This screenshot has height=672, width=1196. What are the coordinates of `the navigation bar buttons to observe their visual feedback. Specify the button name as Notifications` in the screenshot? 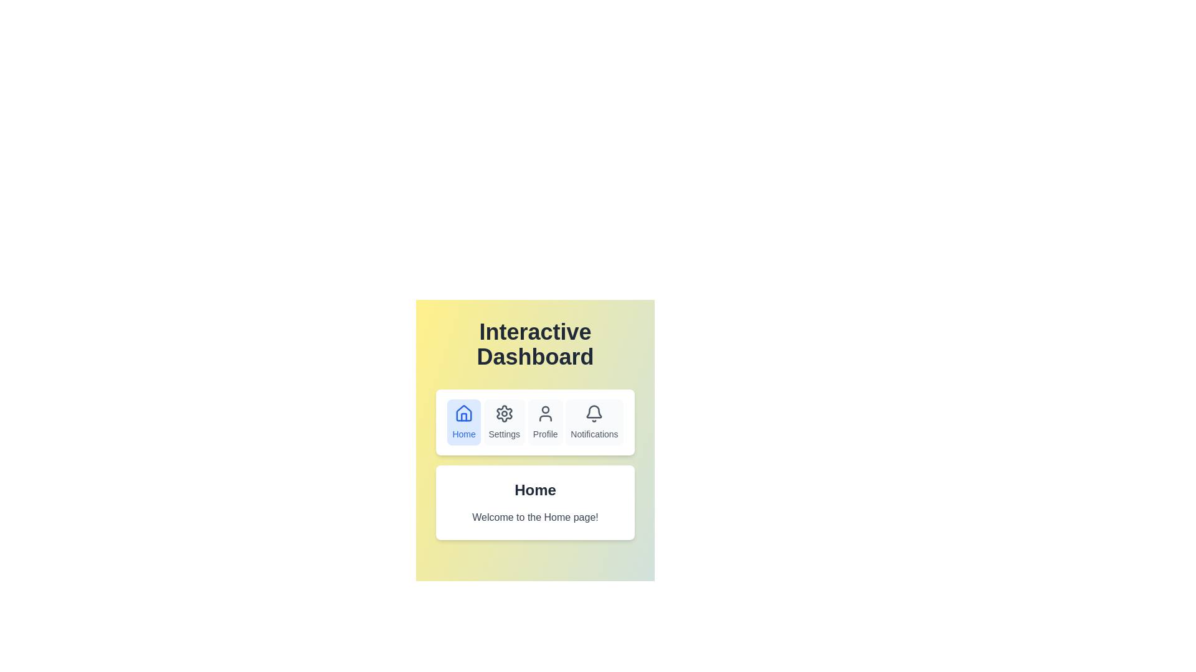 It's located at (594, 421).